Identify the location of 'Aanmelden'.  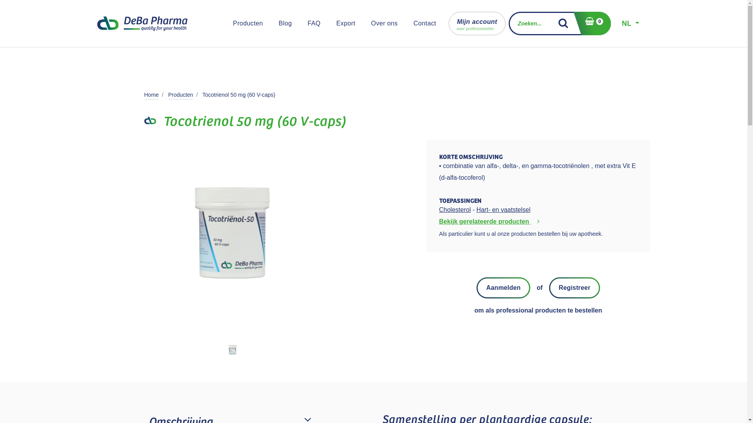
(503, 288).